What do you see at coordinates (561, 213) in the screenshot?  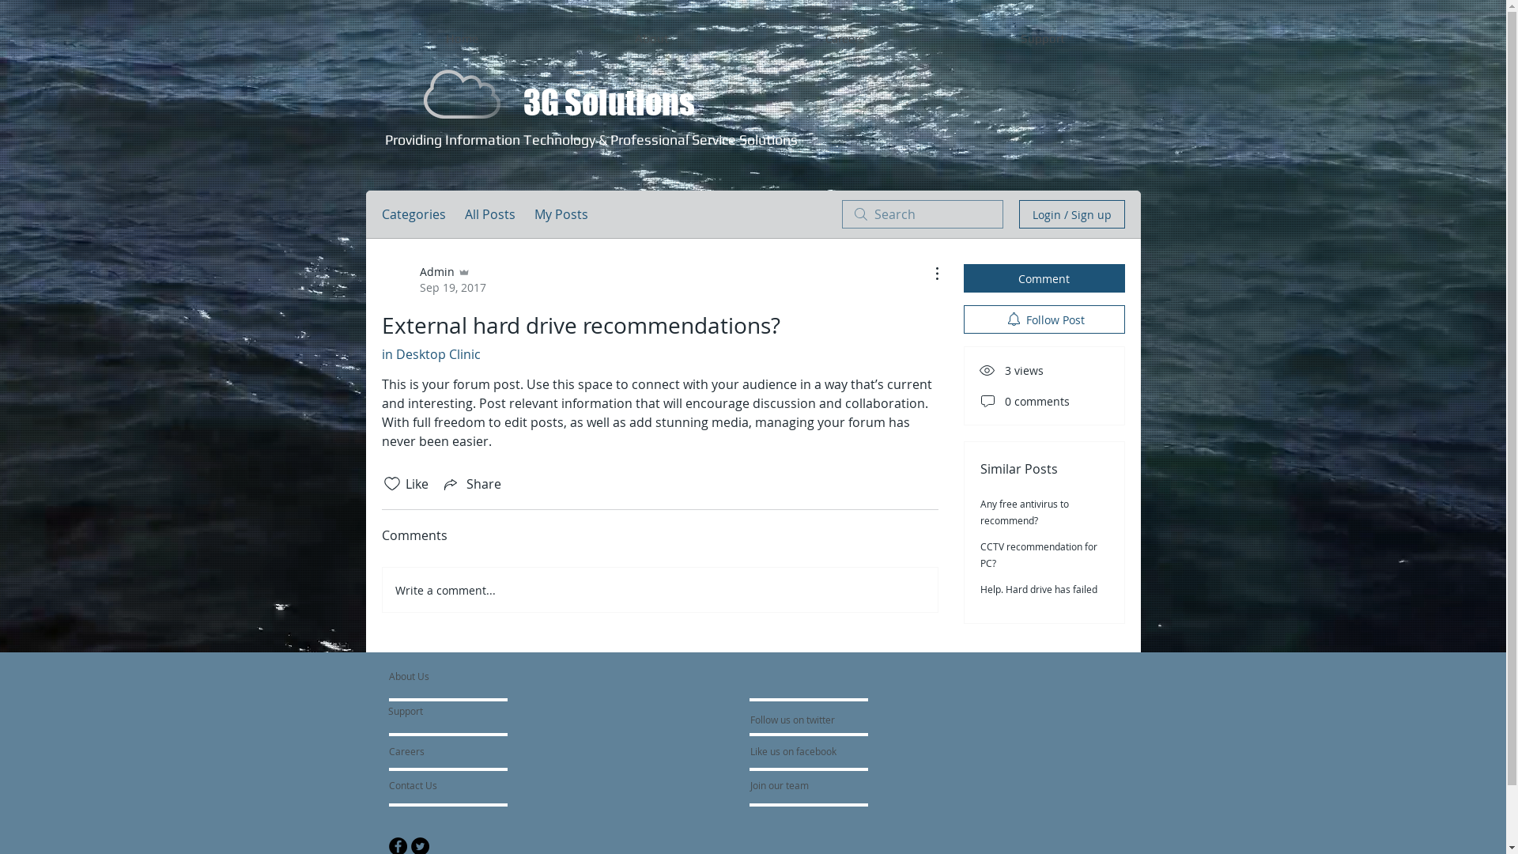 I see `'My Posts'` at bounding box center [561, 213].